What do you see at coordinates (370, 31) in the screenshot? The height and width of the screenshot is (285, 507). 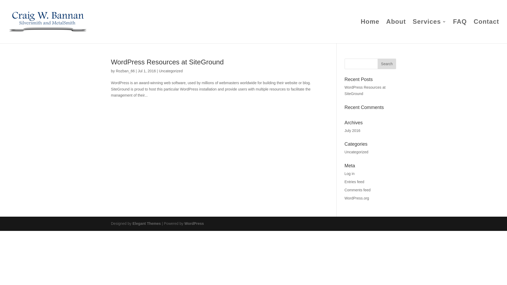 I see `'Home'` at bounding box center [370, 31].